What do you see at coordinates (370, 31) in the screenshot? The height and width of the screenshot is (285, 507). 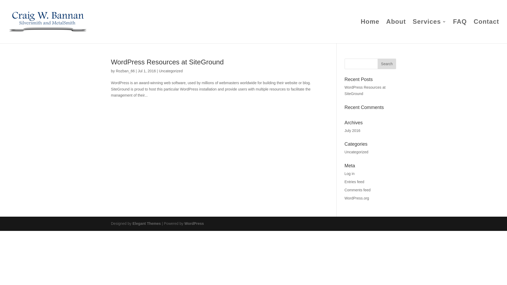 I see `'Home'` at bounding box center [370, 31].